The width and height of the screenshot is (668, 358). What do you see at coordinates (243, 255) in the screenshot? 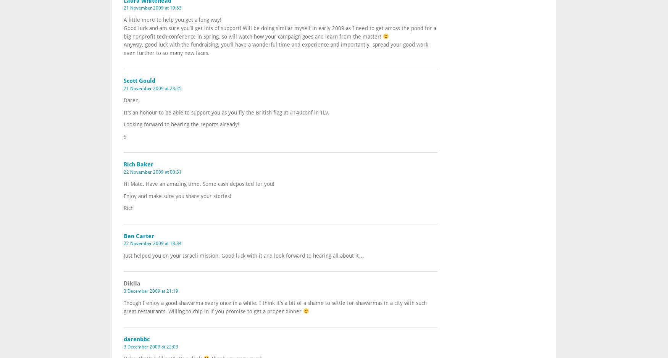
I see `'Just helped you on your Israeli mission. Good luck with it and look forward to hearing all about it…'` at bounding box center [243, 255].